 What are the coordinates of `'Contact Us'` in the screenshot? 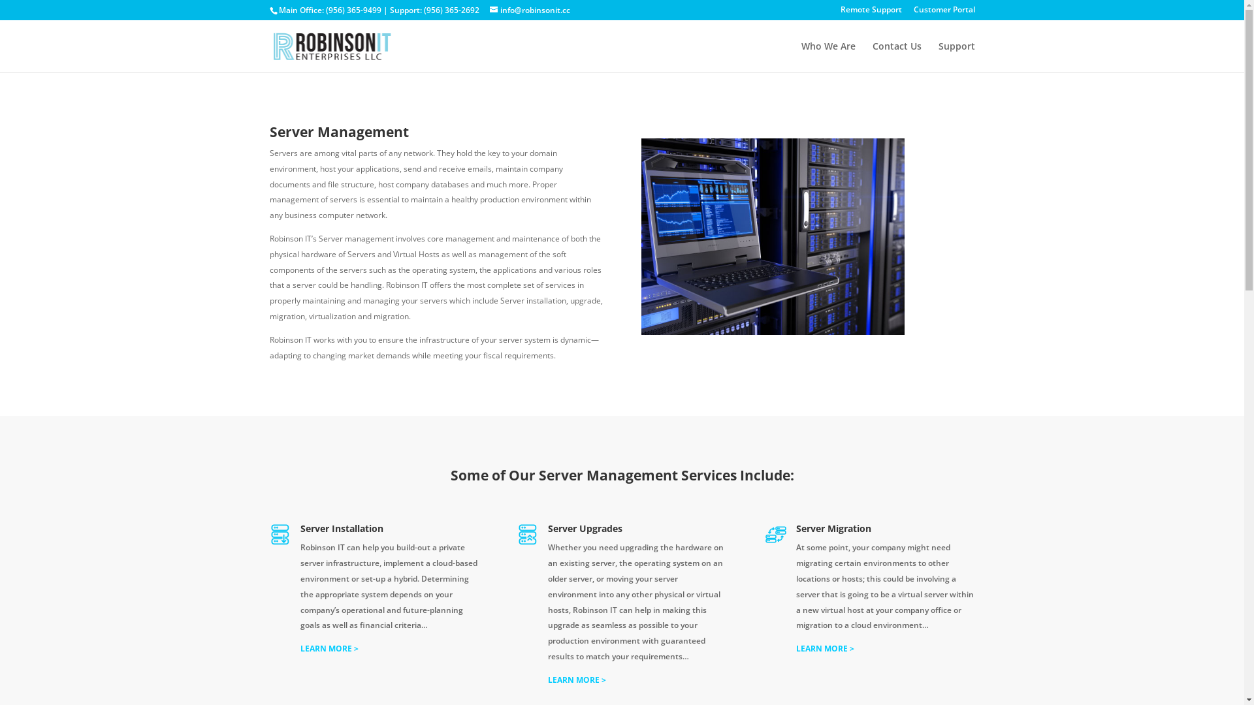 It's located at (896, 56).